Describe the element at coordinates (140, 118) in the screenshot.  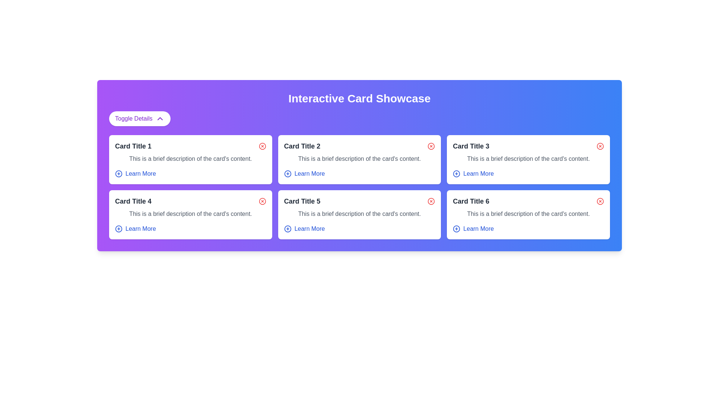
I see `the button that toggles the visibility of additional information in the current UI section` at that location.